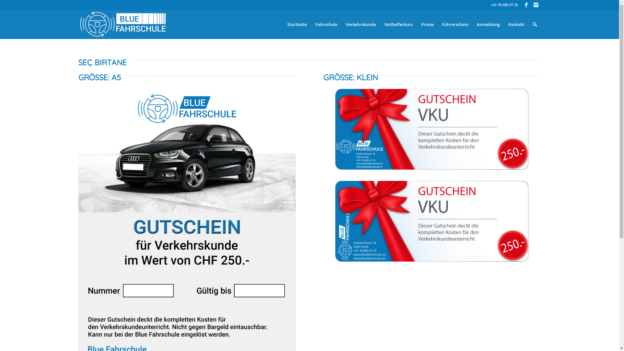 The width and height of the screenshot is (624, 351). I want to click on 'Kontakt', so click(515, 24).